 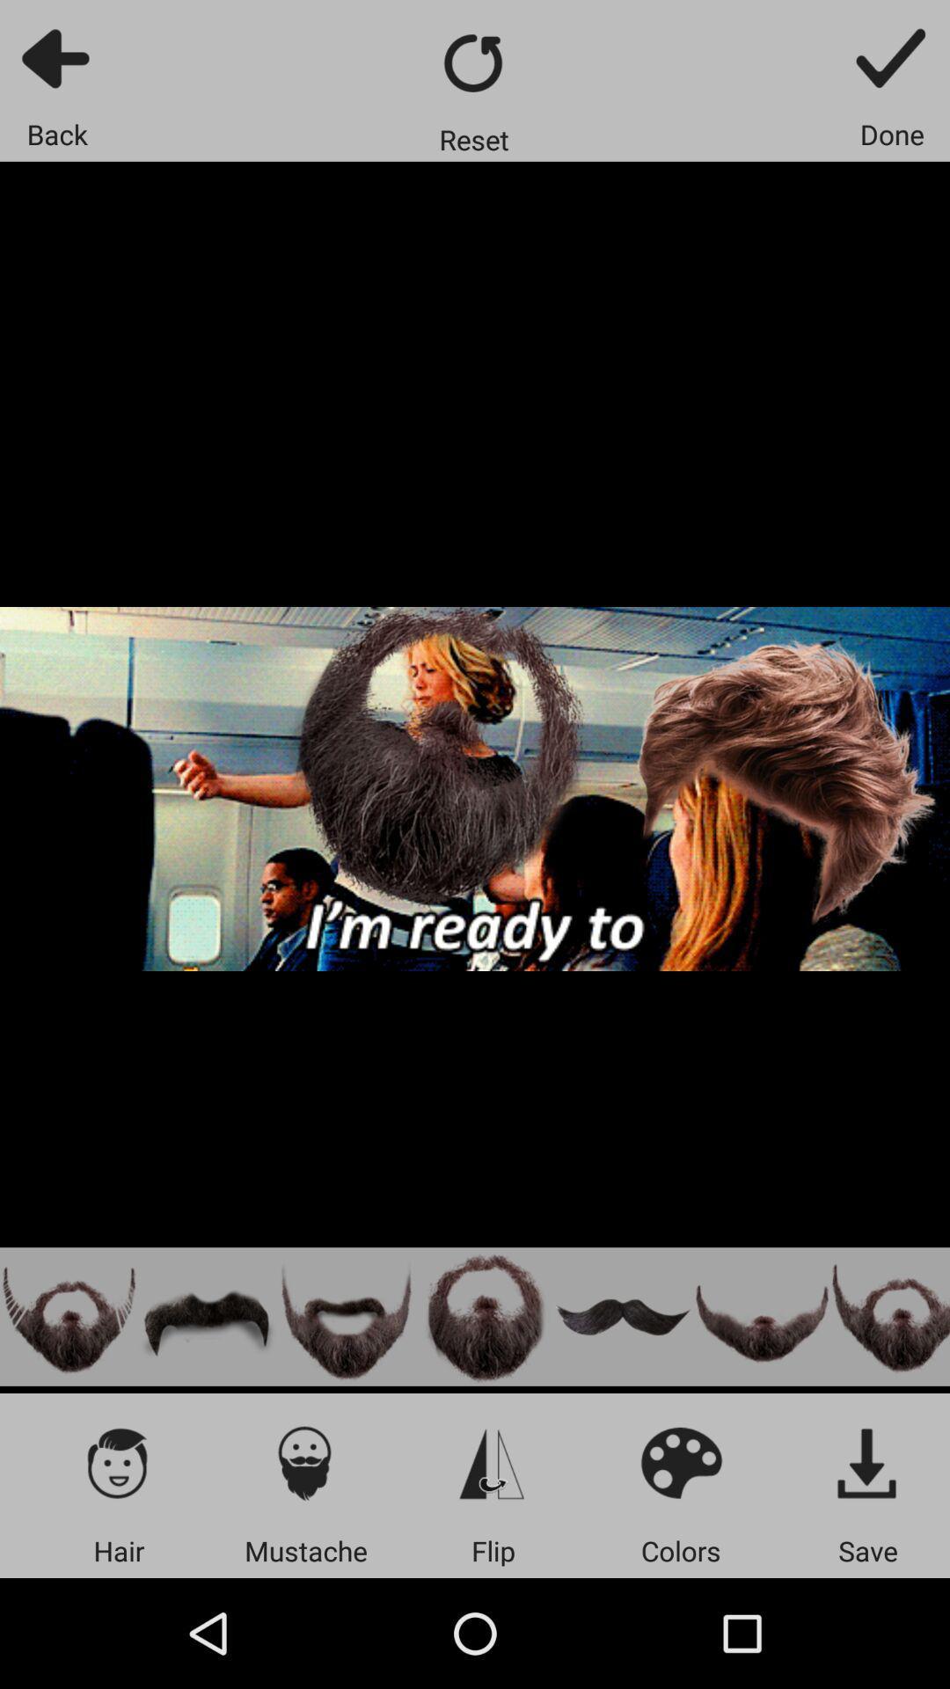 I want to click on change facial hair overlay, so click(x=346, y=1317).